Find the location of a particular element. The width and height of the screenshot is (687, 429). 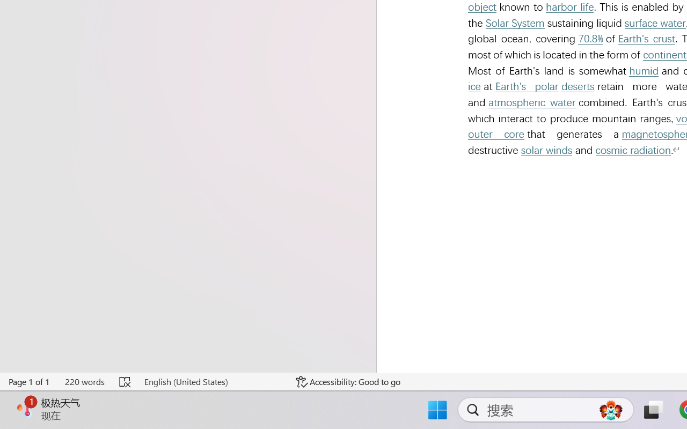

'cosmic radiation' is located at coordinates (633, 150).